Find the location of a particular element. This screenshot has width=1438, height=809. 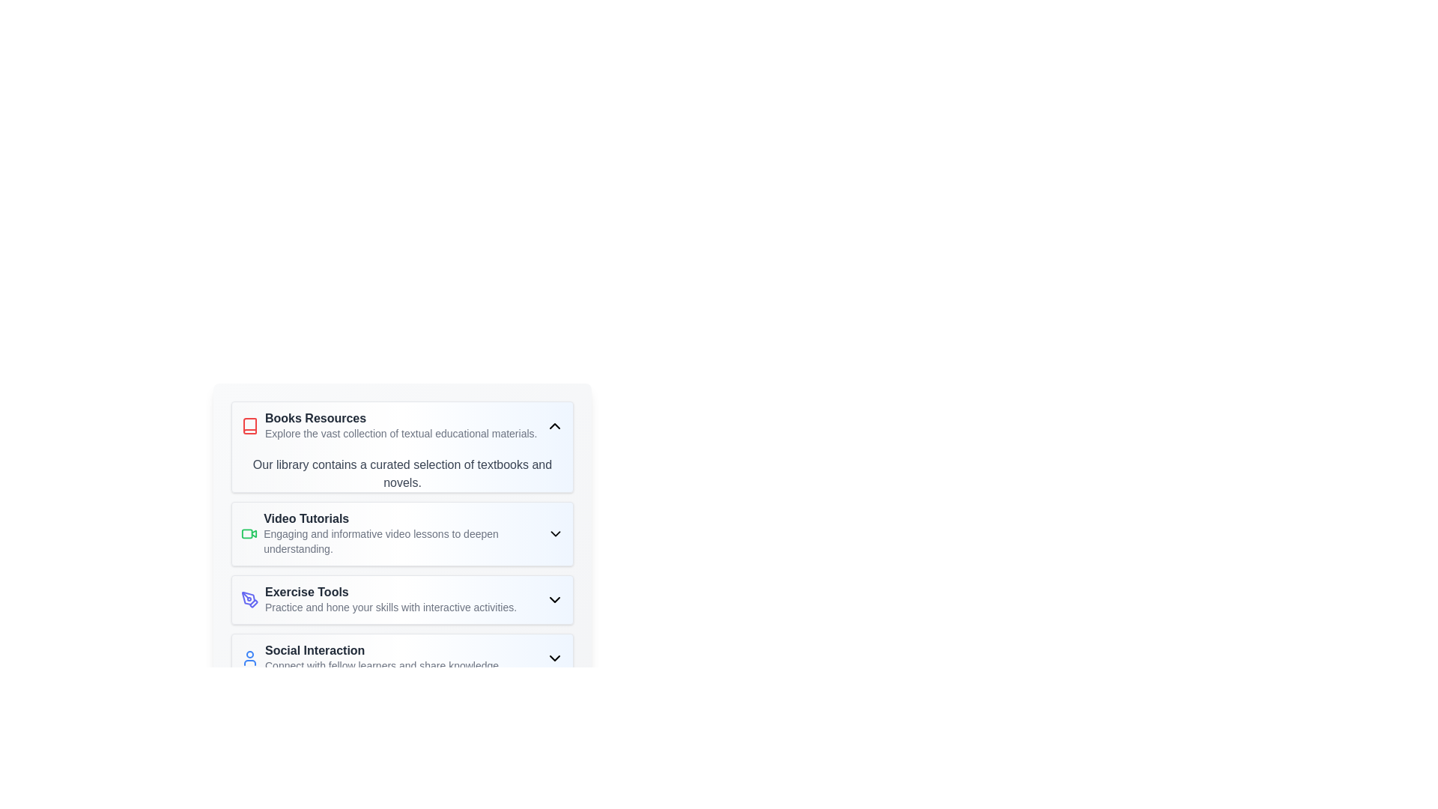

the textual component titled 'Social Interaction' is located at coordinates (383, 658).